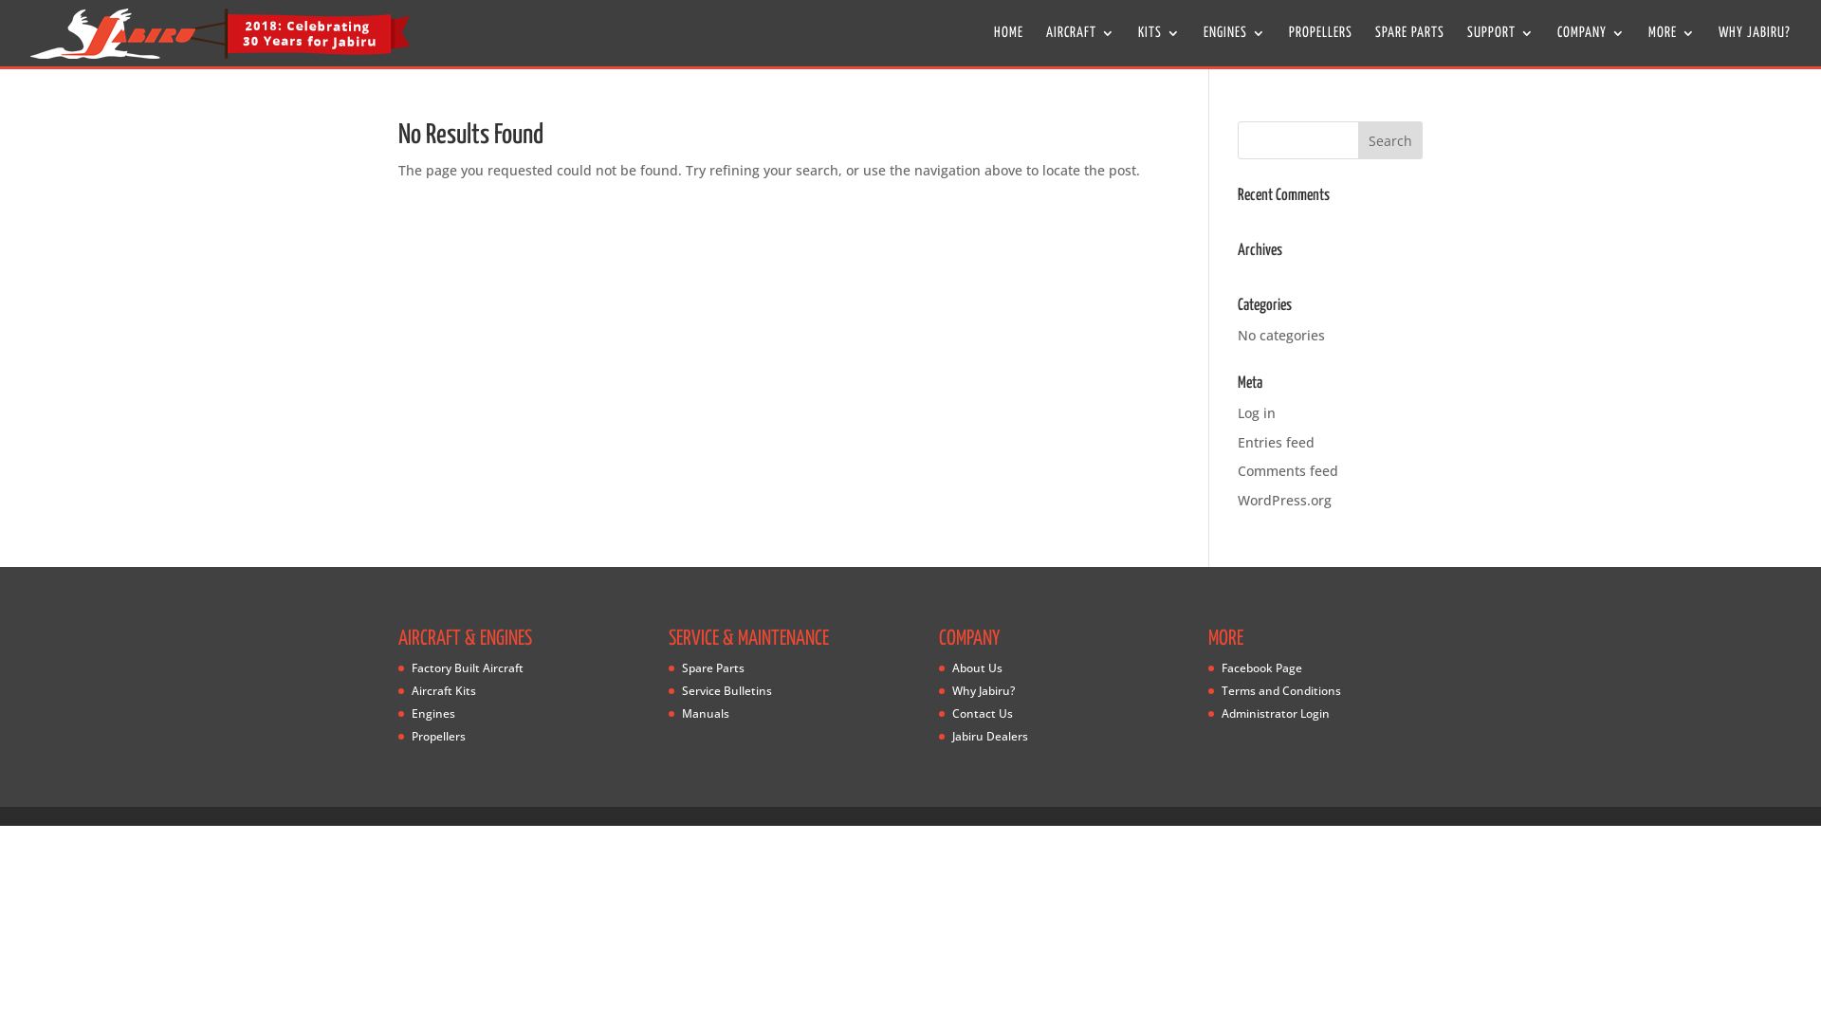 This screenshot has width=1821, height=1024. Describe the element at coordinates (443, 690) in the screenshot. I see `'Aircraft Kits'` at that location.